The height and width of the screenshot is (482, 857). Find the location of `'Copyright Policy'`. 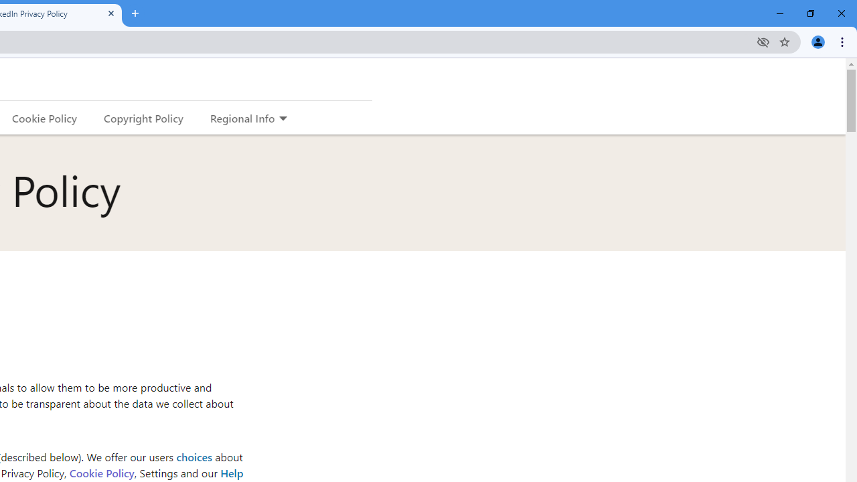

'Copyright Policy' is located at coordinates (143, 117).